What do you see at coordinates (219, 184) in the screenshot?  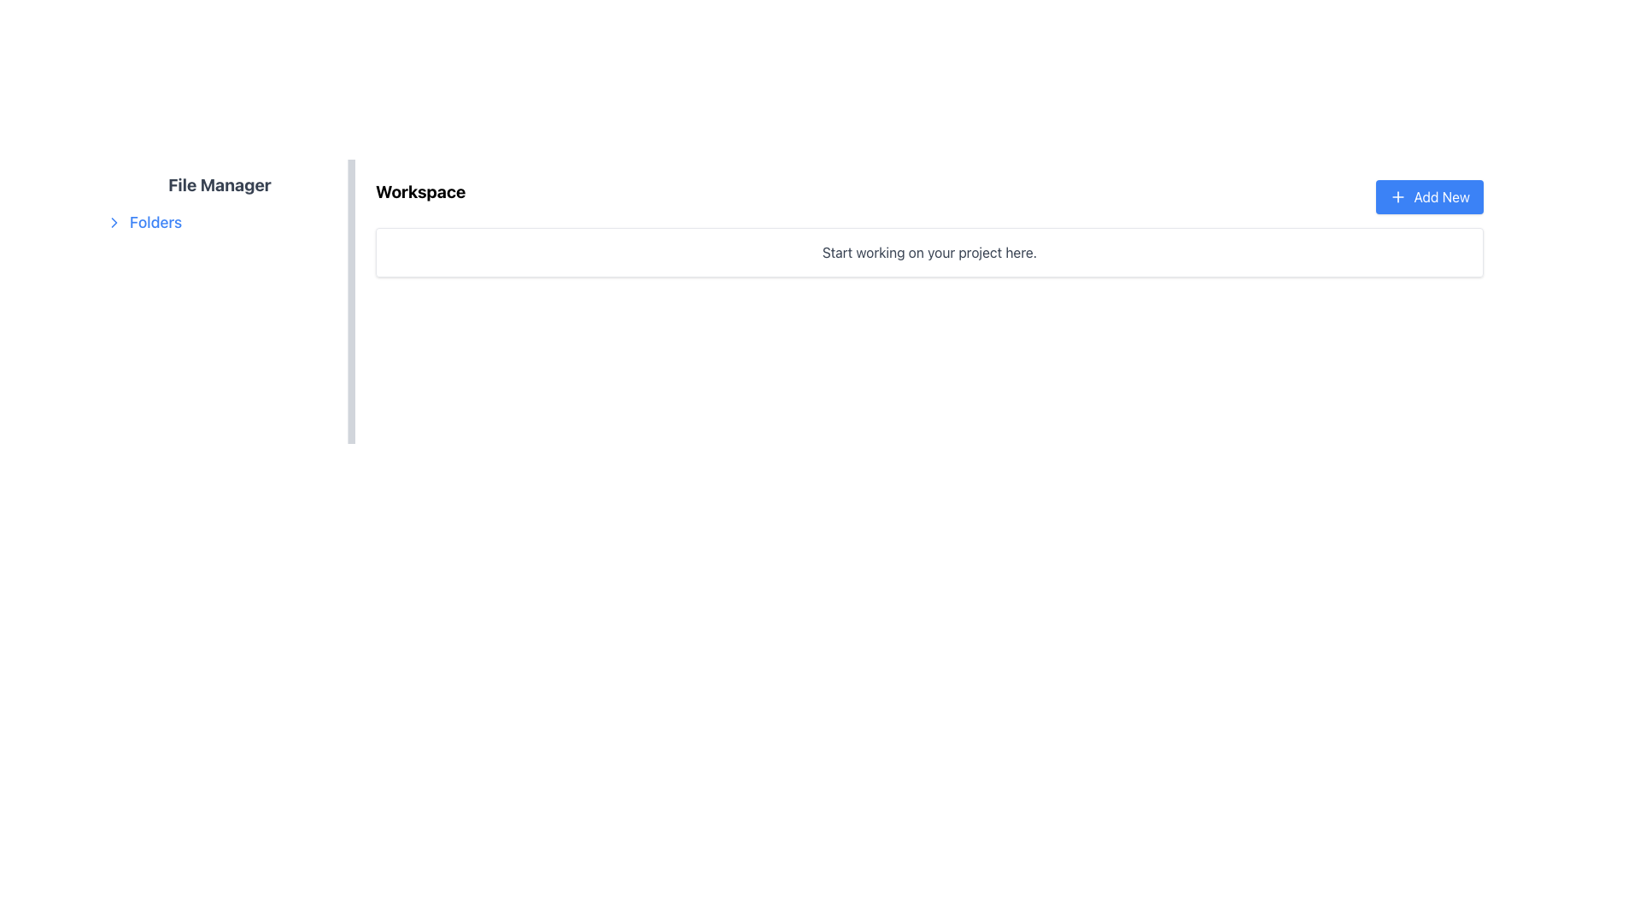 I see `the 'File Manager' text label, which is bold and large, located in the top-left corner of the left-side navigation pane, above the 'Folders' group` at bounding box center [219, 184].